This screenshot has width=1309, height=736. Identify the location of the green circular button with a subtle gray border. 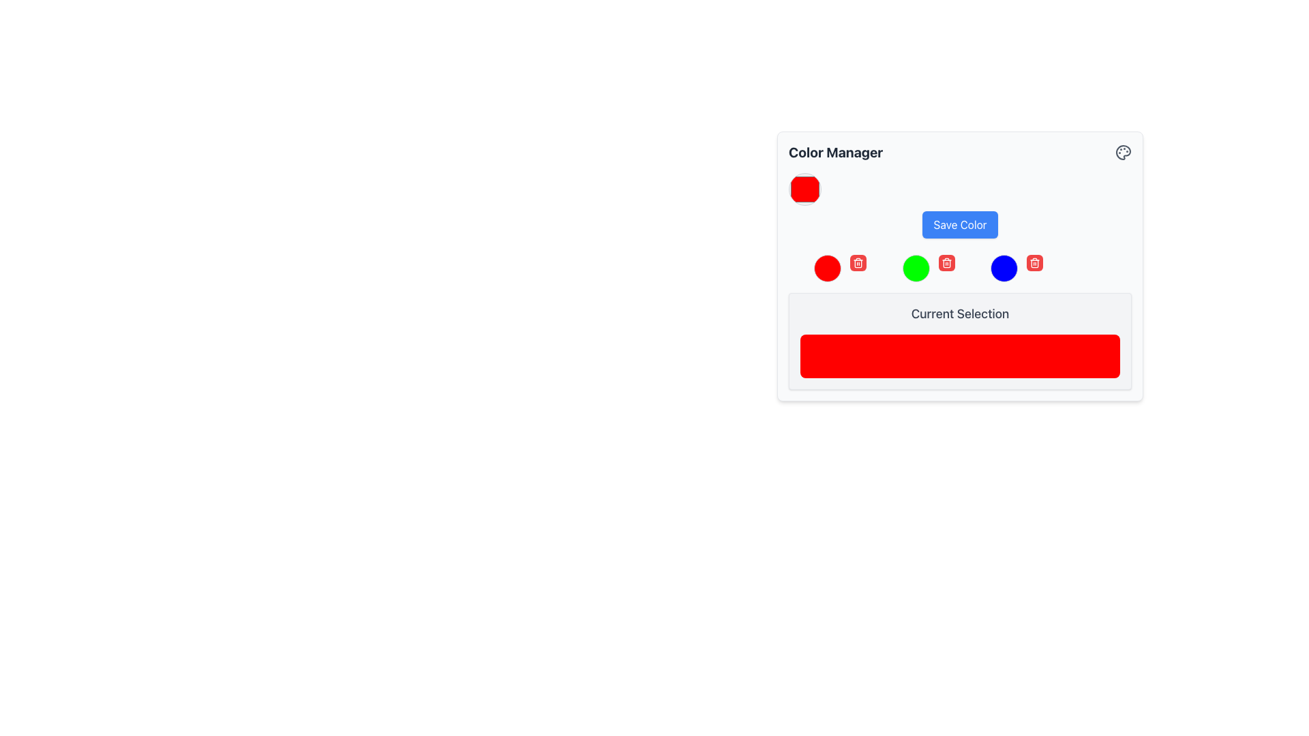
(916, 268).